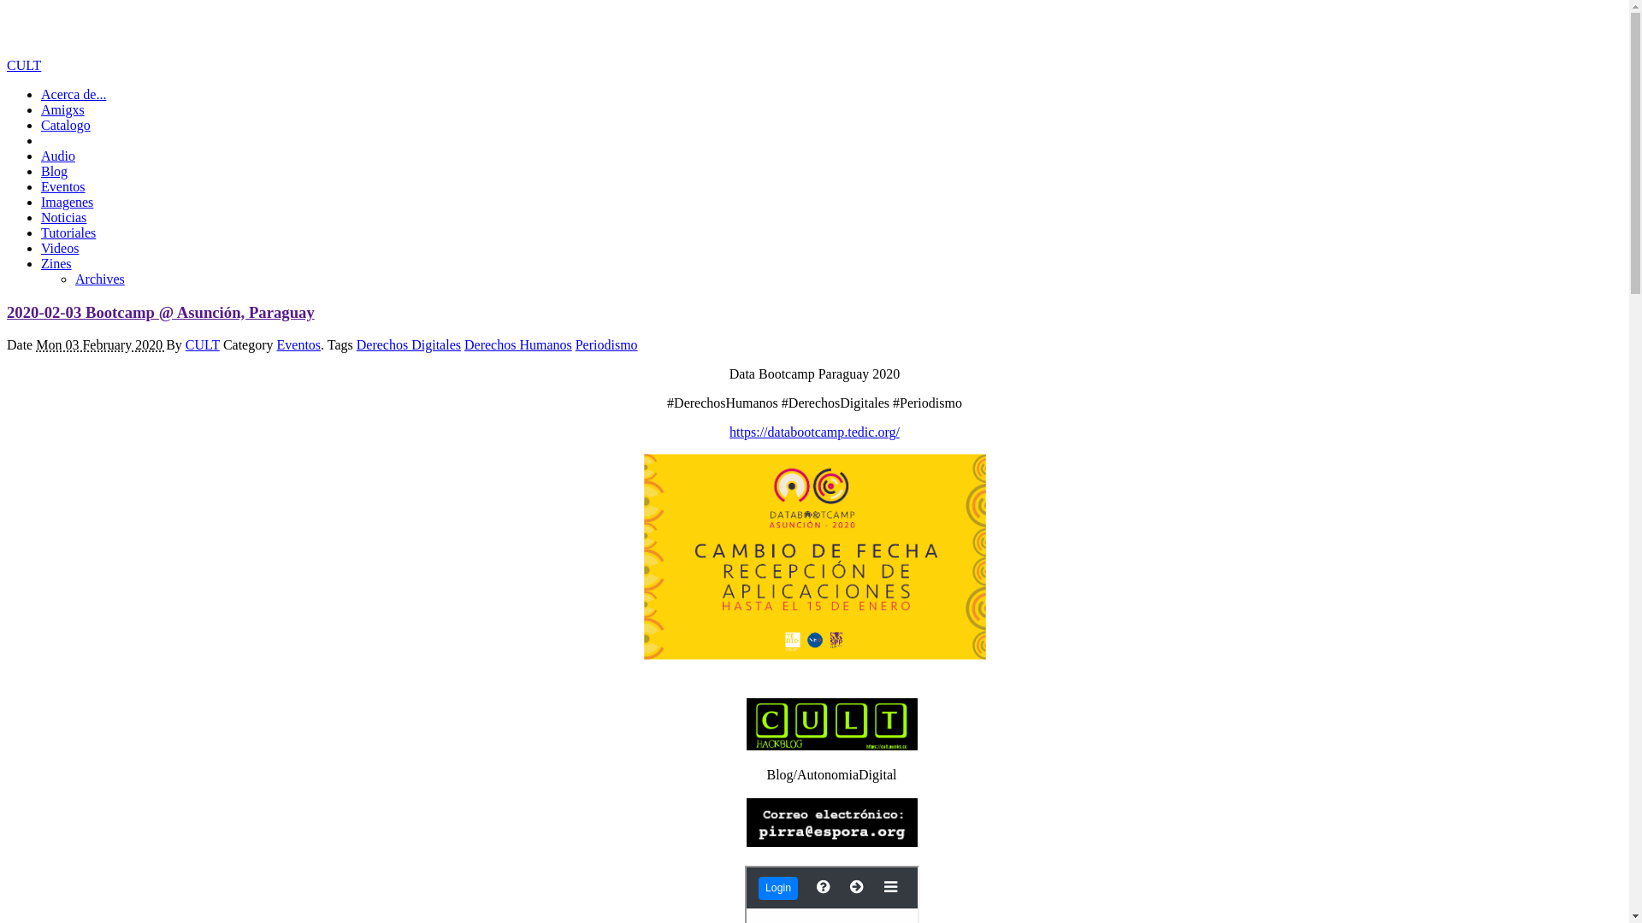 The image size is (1642, 923). I want to click on 'Videos', so click(60, 248).